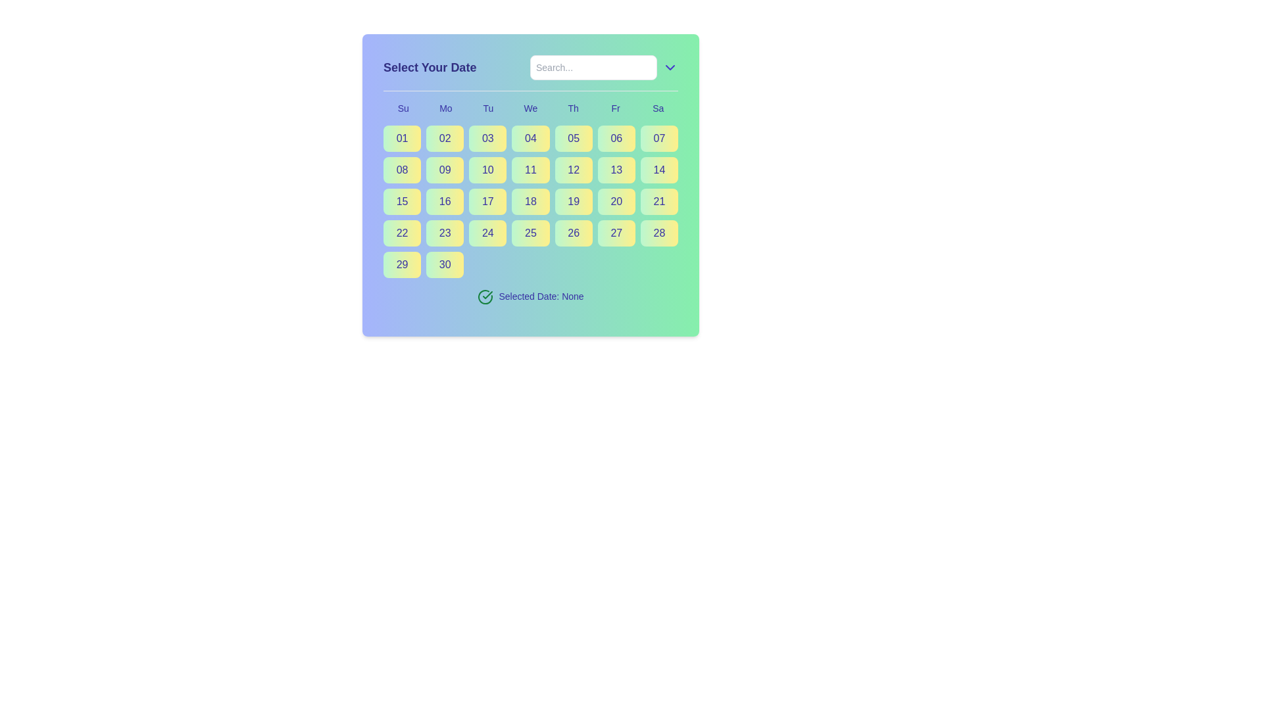 This screenshot has width=1263, height=710. I want to click on the selectable option button for the date '17' in the calendar grid, so click(487, 202).